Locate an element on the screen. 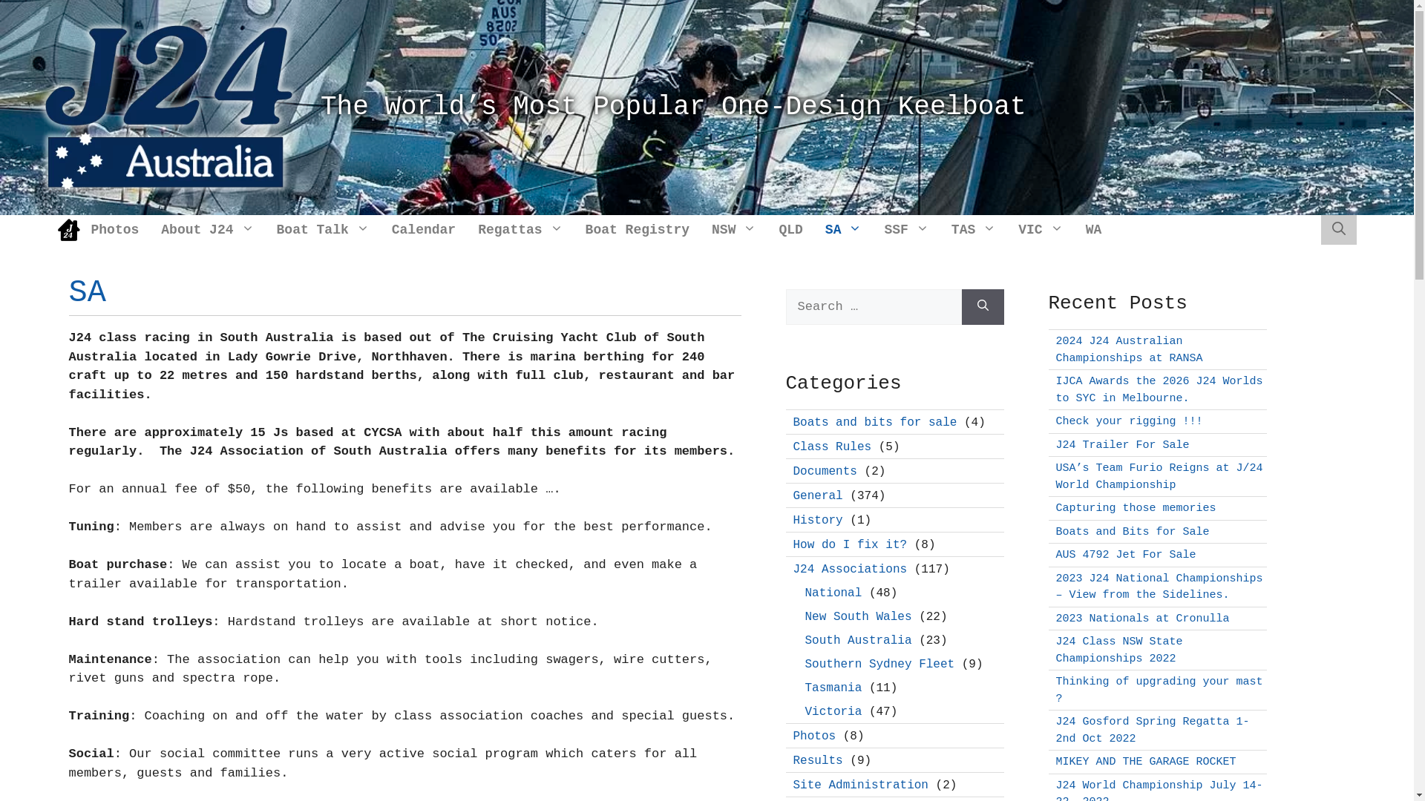  'Tasmania' is located at coordinates (833, 687).